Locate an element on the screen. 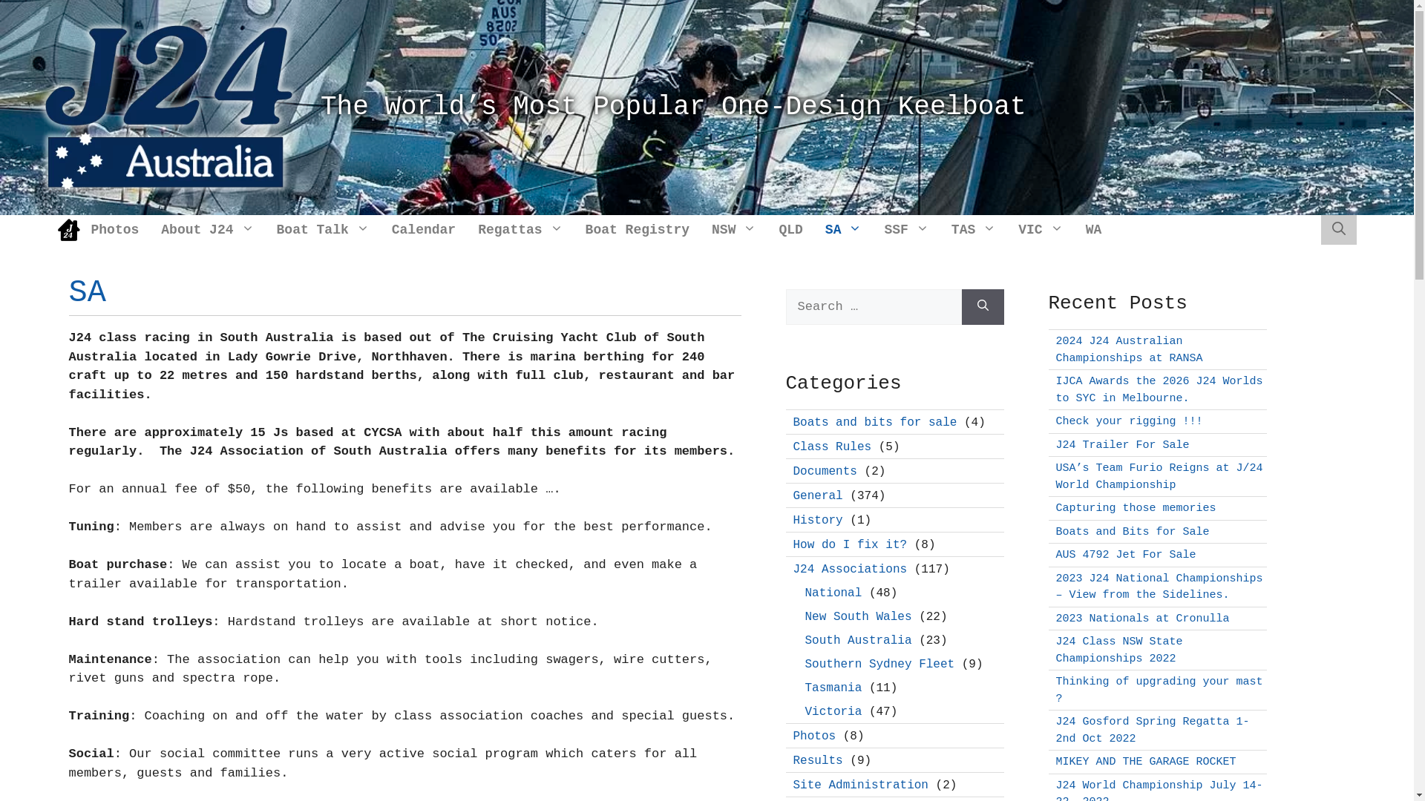  'Tasmania' is located at coordinates (833, 687).